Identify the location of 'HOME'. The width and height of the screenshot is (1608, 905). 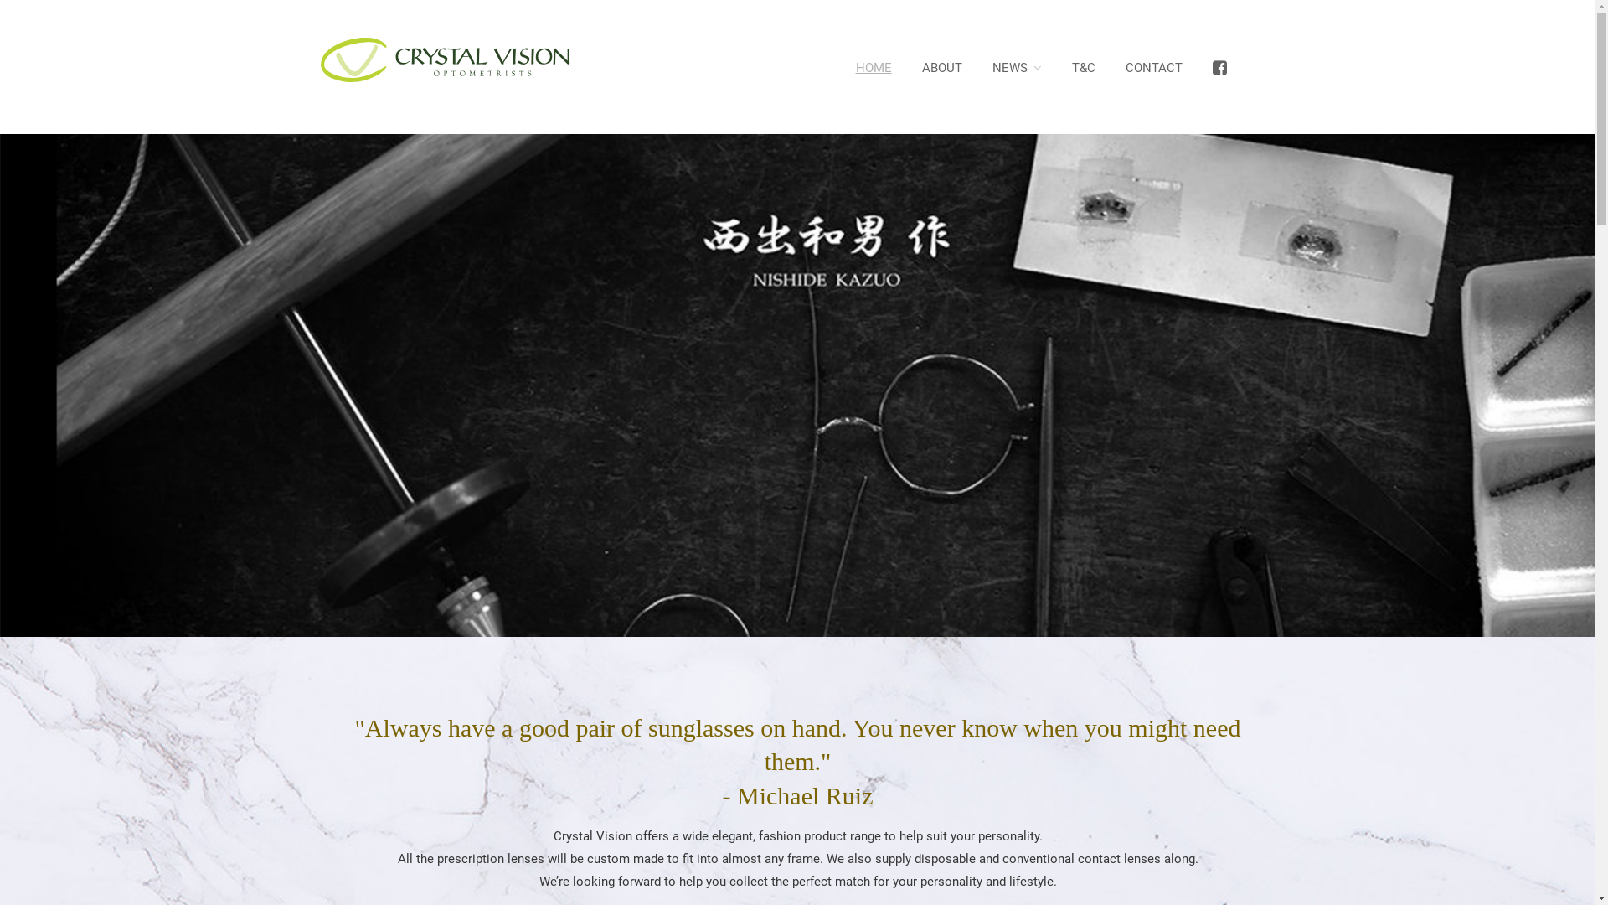
(873, 67).